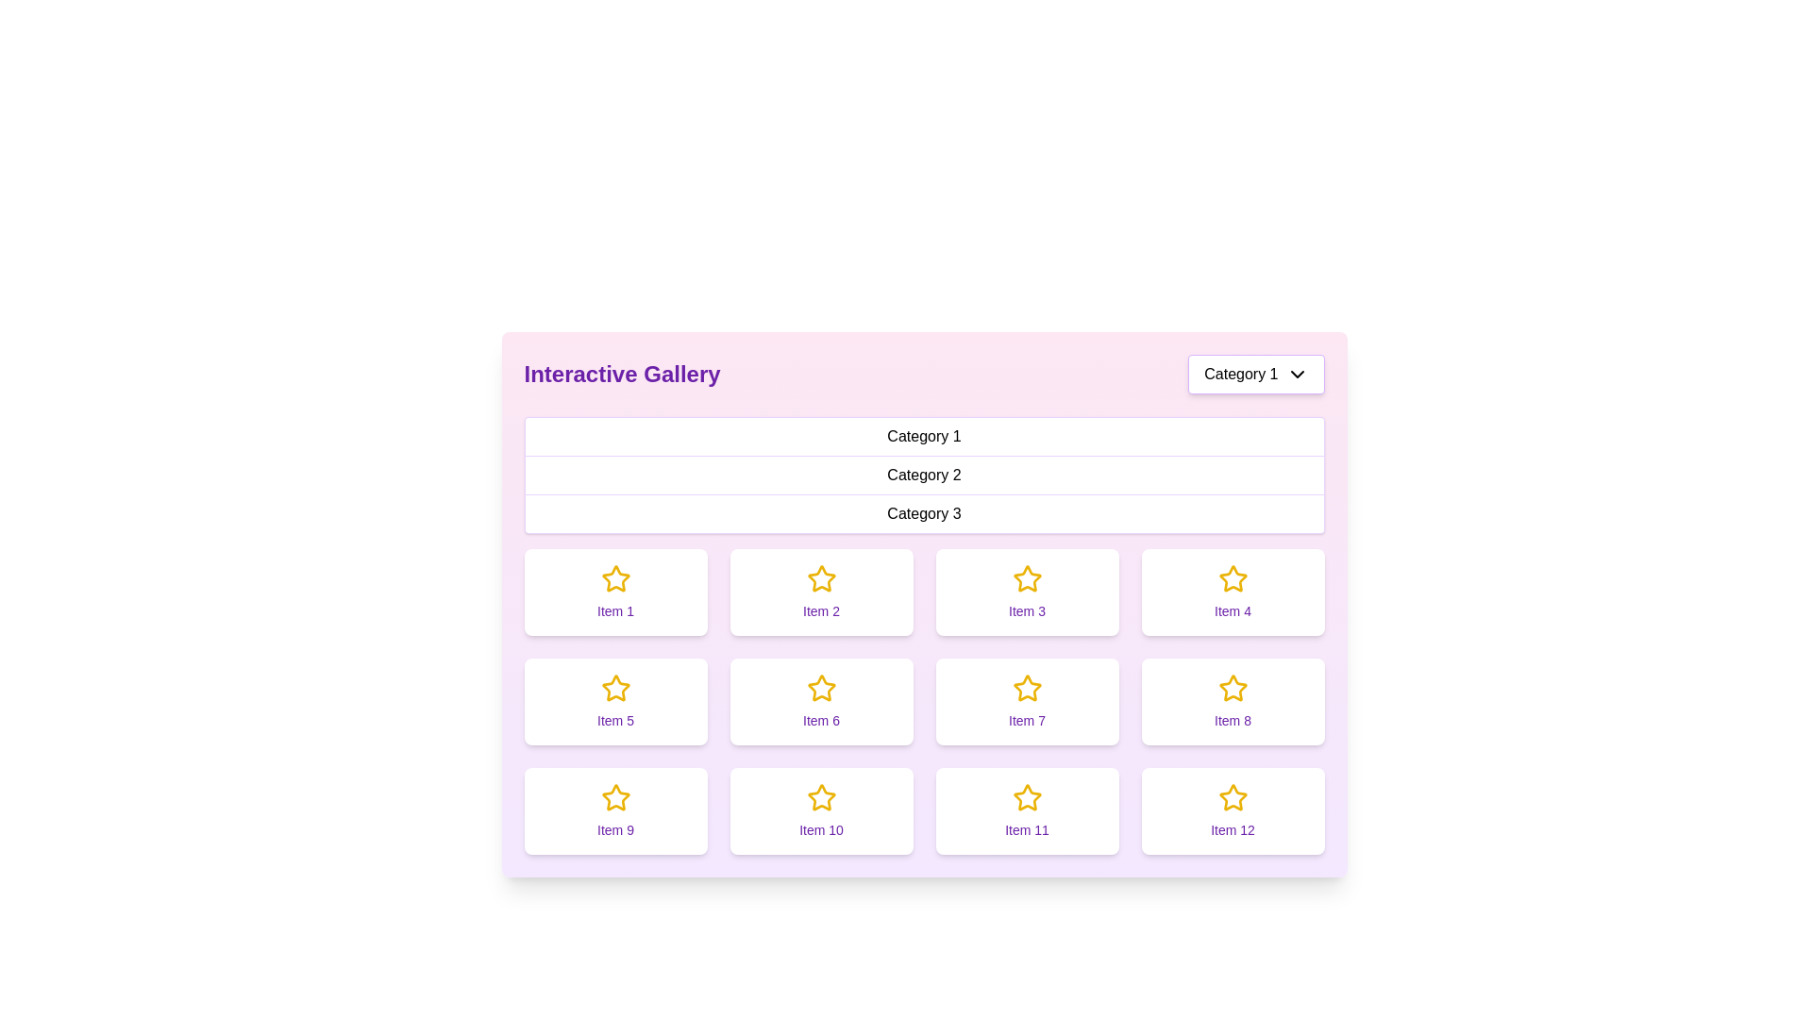  I want to click on the 'Item 6' card, which is located, so click(821, 702).